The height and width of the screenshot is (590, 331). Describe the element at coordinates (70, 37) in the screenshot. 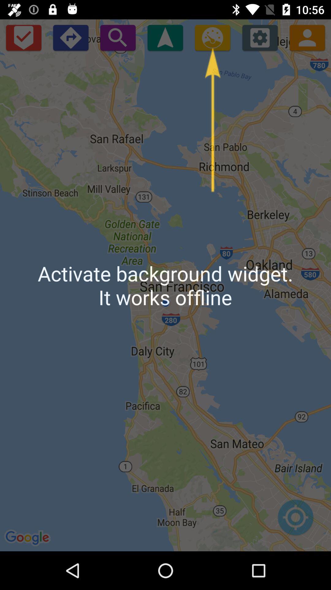

I see `directions` at that location.